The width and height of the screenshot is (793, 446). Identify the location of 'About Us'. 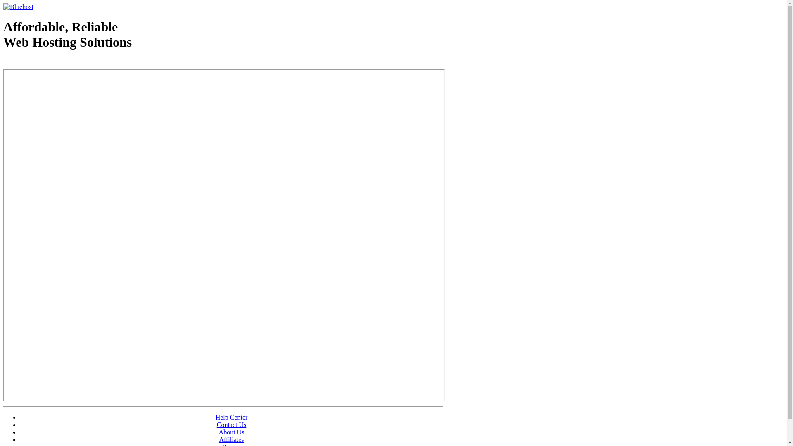
(218, 432).